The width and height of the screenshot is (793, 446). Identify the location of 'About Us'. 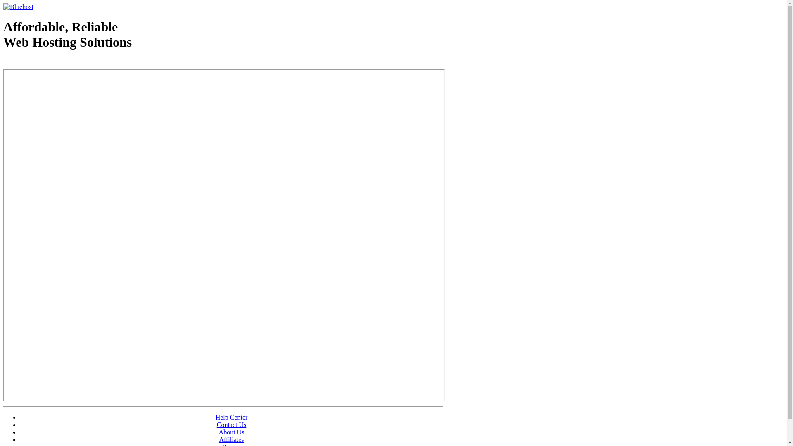
(218, 432).